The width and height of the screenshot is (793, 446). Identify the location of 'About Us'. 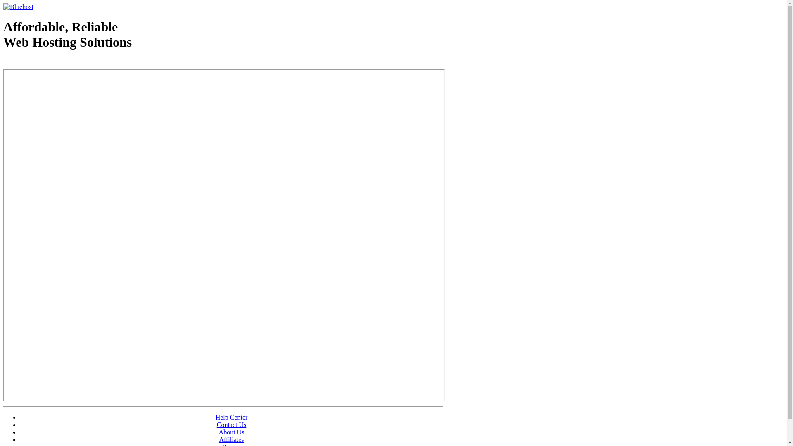
(218, 432).